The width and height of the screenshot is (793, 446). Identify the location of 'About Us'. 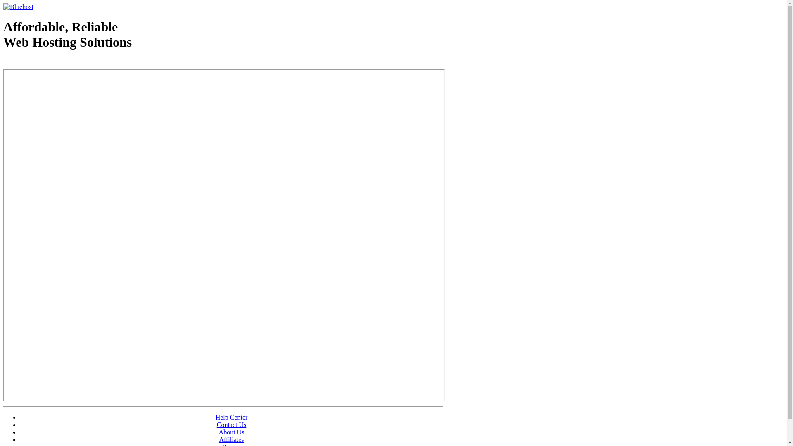
(218, 432).